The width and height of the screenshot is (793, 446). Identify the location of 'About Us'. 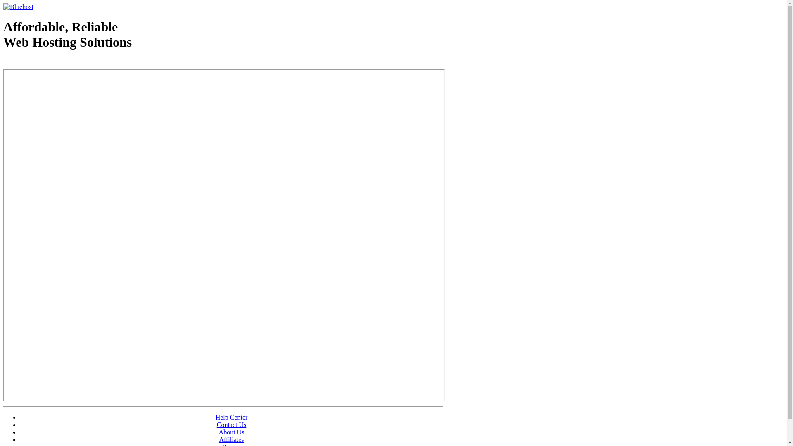
(218, 432).